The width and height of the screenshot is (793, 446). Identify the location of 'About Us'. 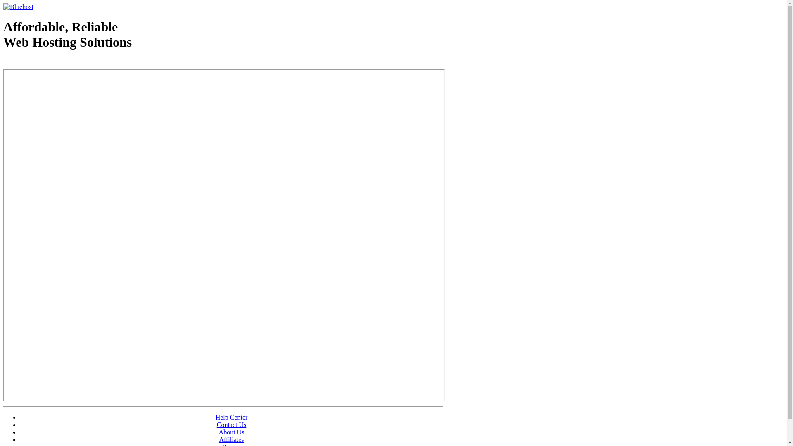
(218, 432).